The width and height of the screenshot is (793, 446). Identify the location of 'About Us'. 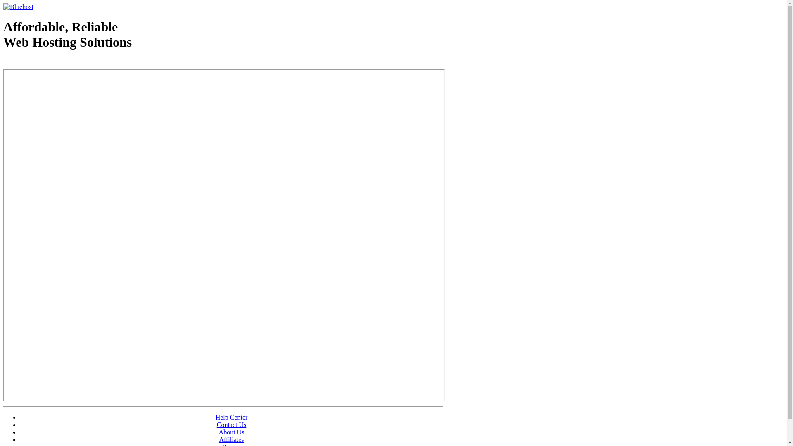
(218, 432).